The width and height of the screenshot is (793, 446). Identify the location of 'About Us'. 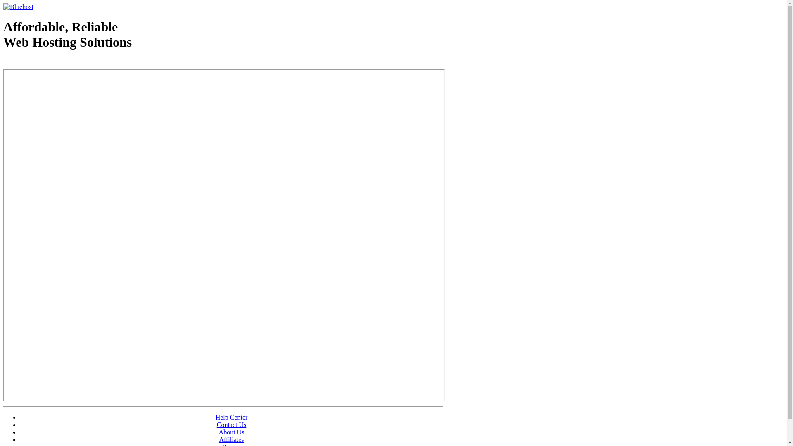
(218, 432).